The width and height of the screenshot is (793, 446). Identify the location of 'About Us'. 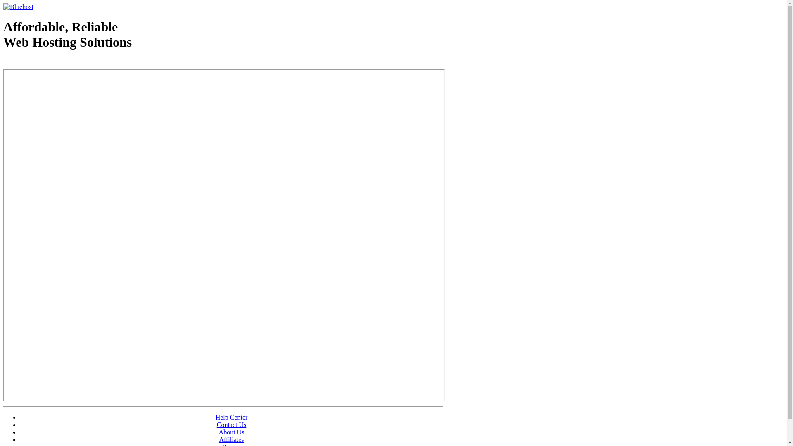
(218, 432).